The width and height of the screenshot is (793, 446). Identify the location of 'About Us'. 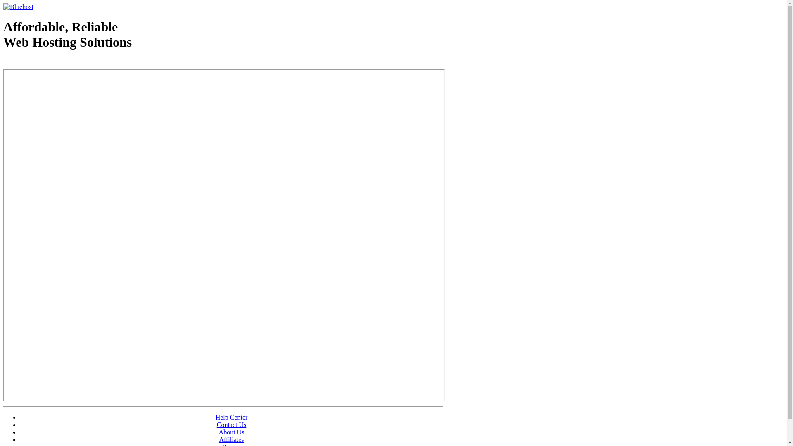
(218, 432).